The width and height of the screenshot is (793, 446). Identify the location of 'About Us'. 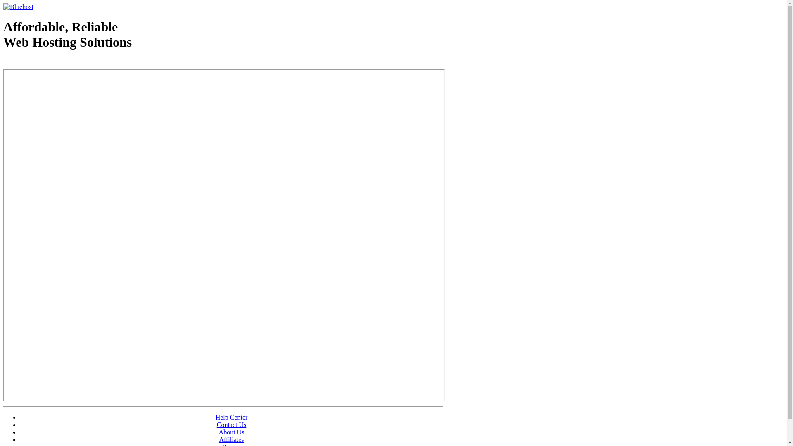
(218, 432).